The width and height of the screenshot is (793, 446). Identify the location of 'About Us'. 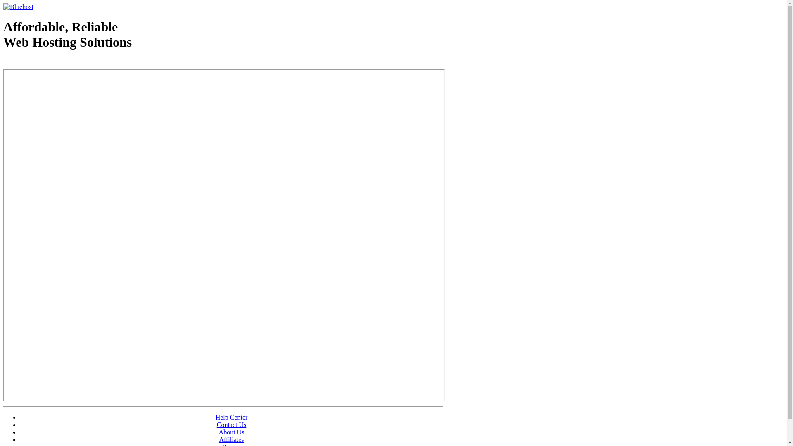
(218, 432).